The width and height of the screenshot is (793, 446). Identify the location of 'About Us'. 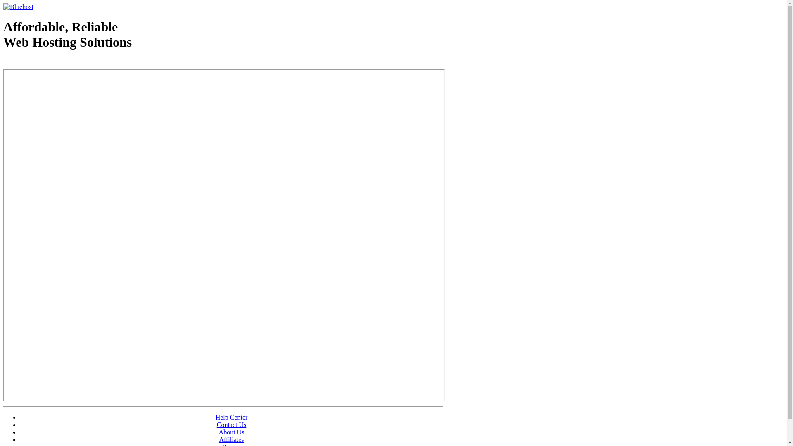
(218, 432).